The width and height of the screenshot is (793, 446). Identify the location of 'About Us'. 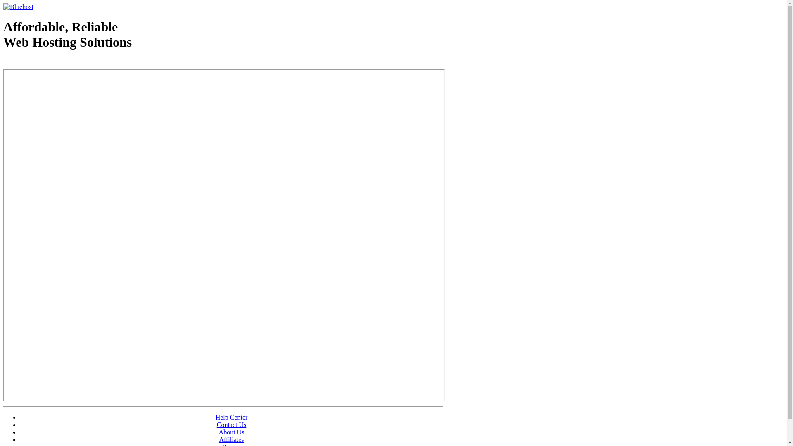
(218, 432).